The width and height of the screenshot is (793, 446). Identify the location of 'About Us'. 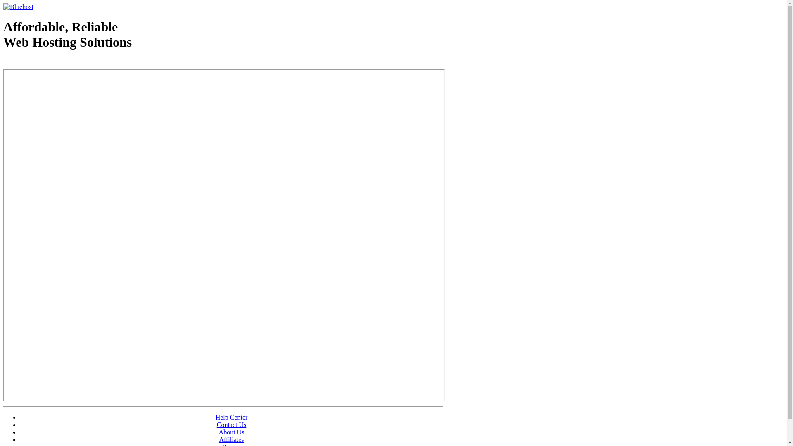
(218, 432).